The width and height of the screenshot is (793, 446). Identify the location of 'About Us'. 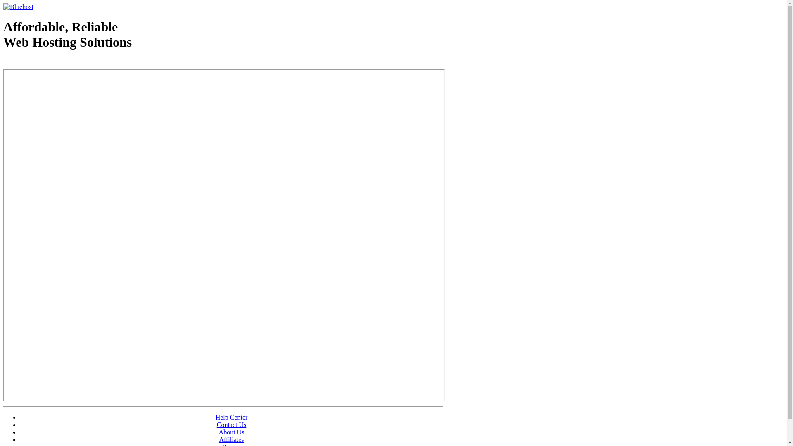
(218, 432).